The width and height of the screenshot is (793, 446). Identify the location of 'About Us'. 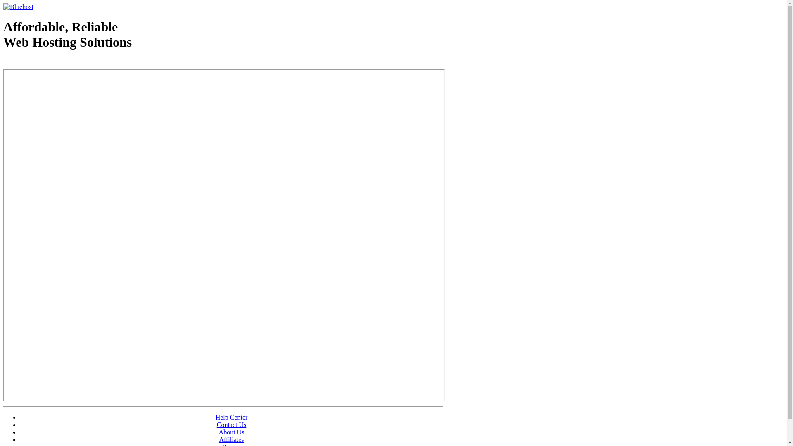
(218, 432).